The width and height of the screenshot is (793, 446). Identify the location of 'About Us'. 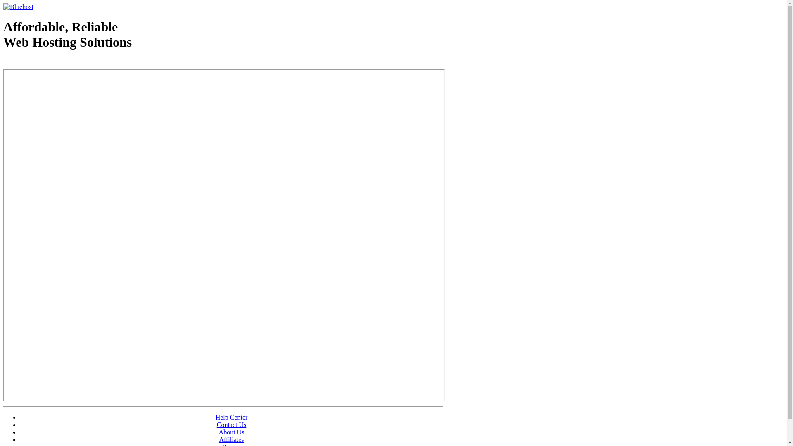
(218, 432).